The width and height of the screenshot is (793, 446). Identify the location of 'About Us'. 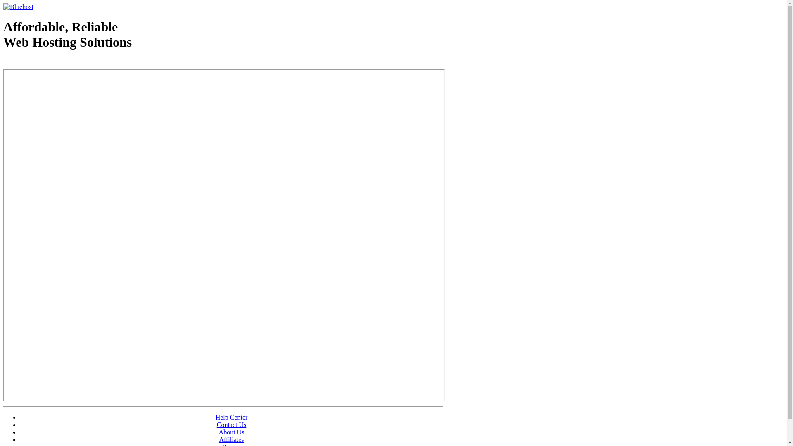
(218, 432).